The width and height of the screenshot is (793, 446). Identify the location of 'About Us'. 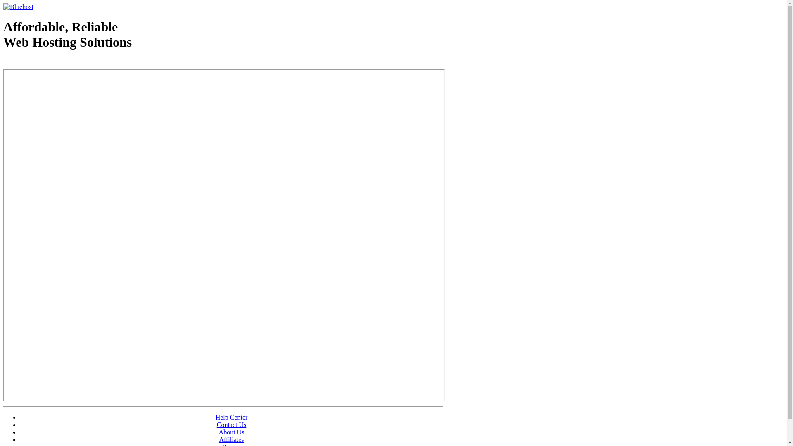
(218, 432).